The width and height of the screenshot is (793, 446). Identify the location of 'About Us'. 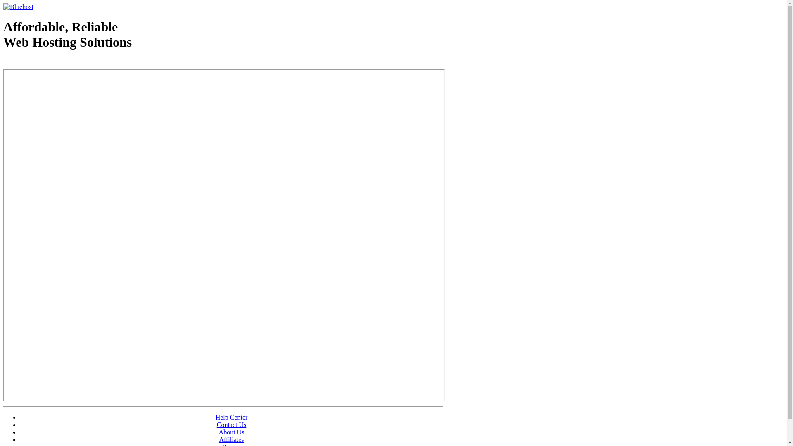
(218, 432).